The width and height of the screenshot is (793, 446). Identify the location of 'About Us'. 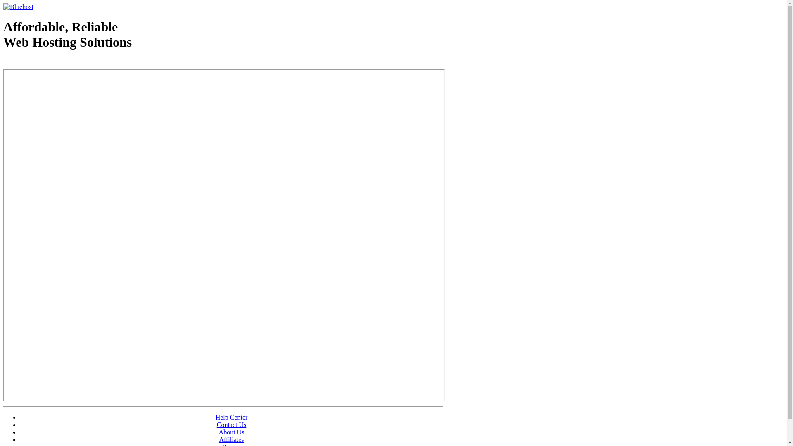
(218, 432).